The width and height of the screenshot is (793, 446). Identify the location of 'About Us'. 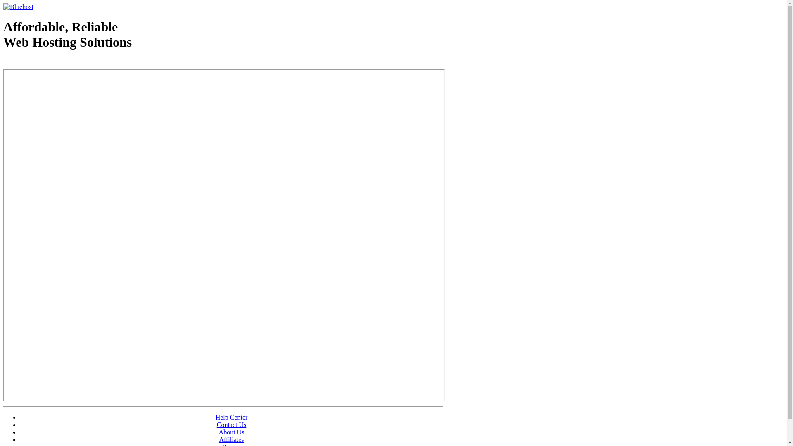
(218, 432).